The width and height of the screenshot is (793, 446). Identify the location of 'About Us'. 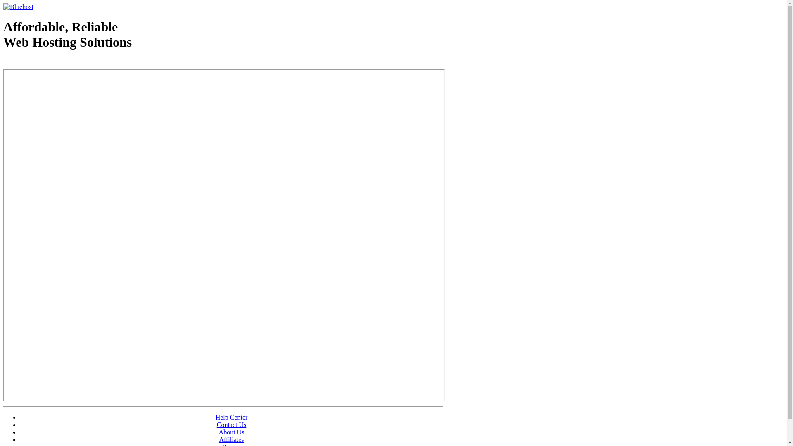
(218, 432).